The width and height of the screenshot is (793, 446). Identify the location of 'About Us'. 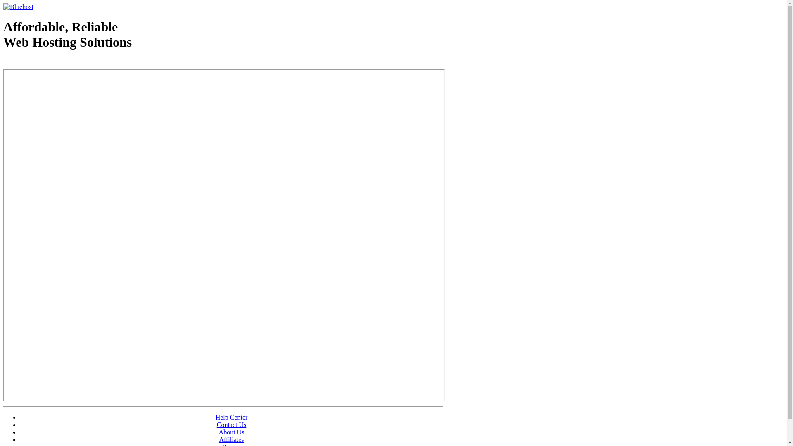
(218, 432).